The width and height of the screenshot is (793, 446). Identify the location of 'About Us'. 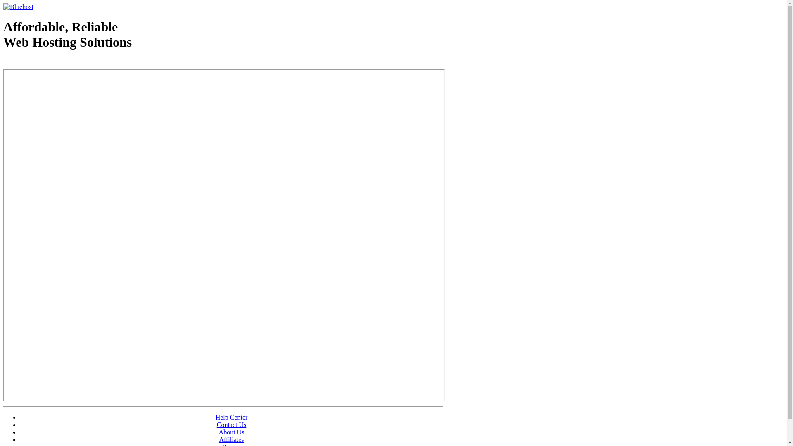
(218, 432).